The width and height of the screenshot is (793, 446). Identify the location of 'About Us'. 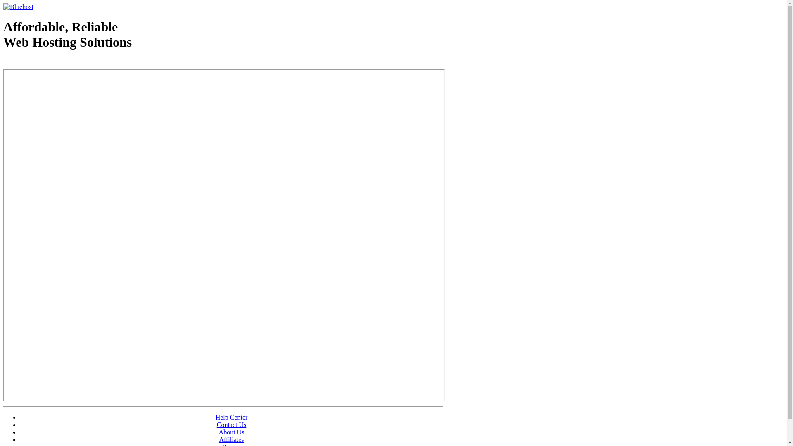
(218, 432).